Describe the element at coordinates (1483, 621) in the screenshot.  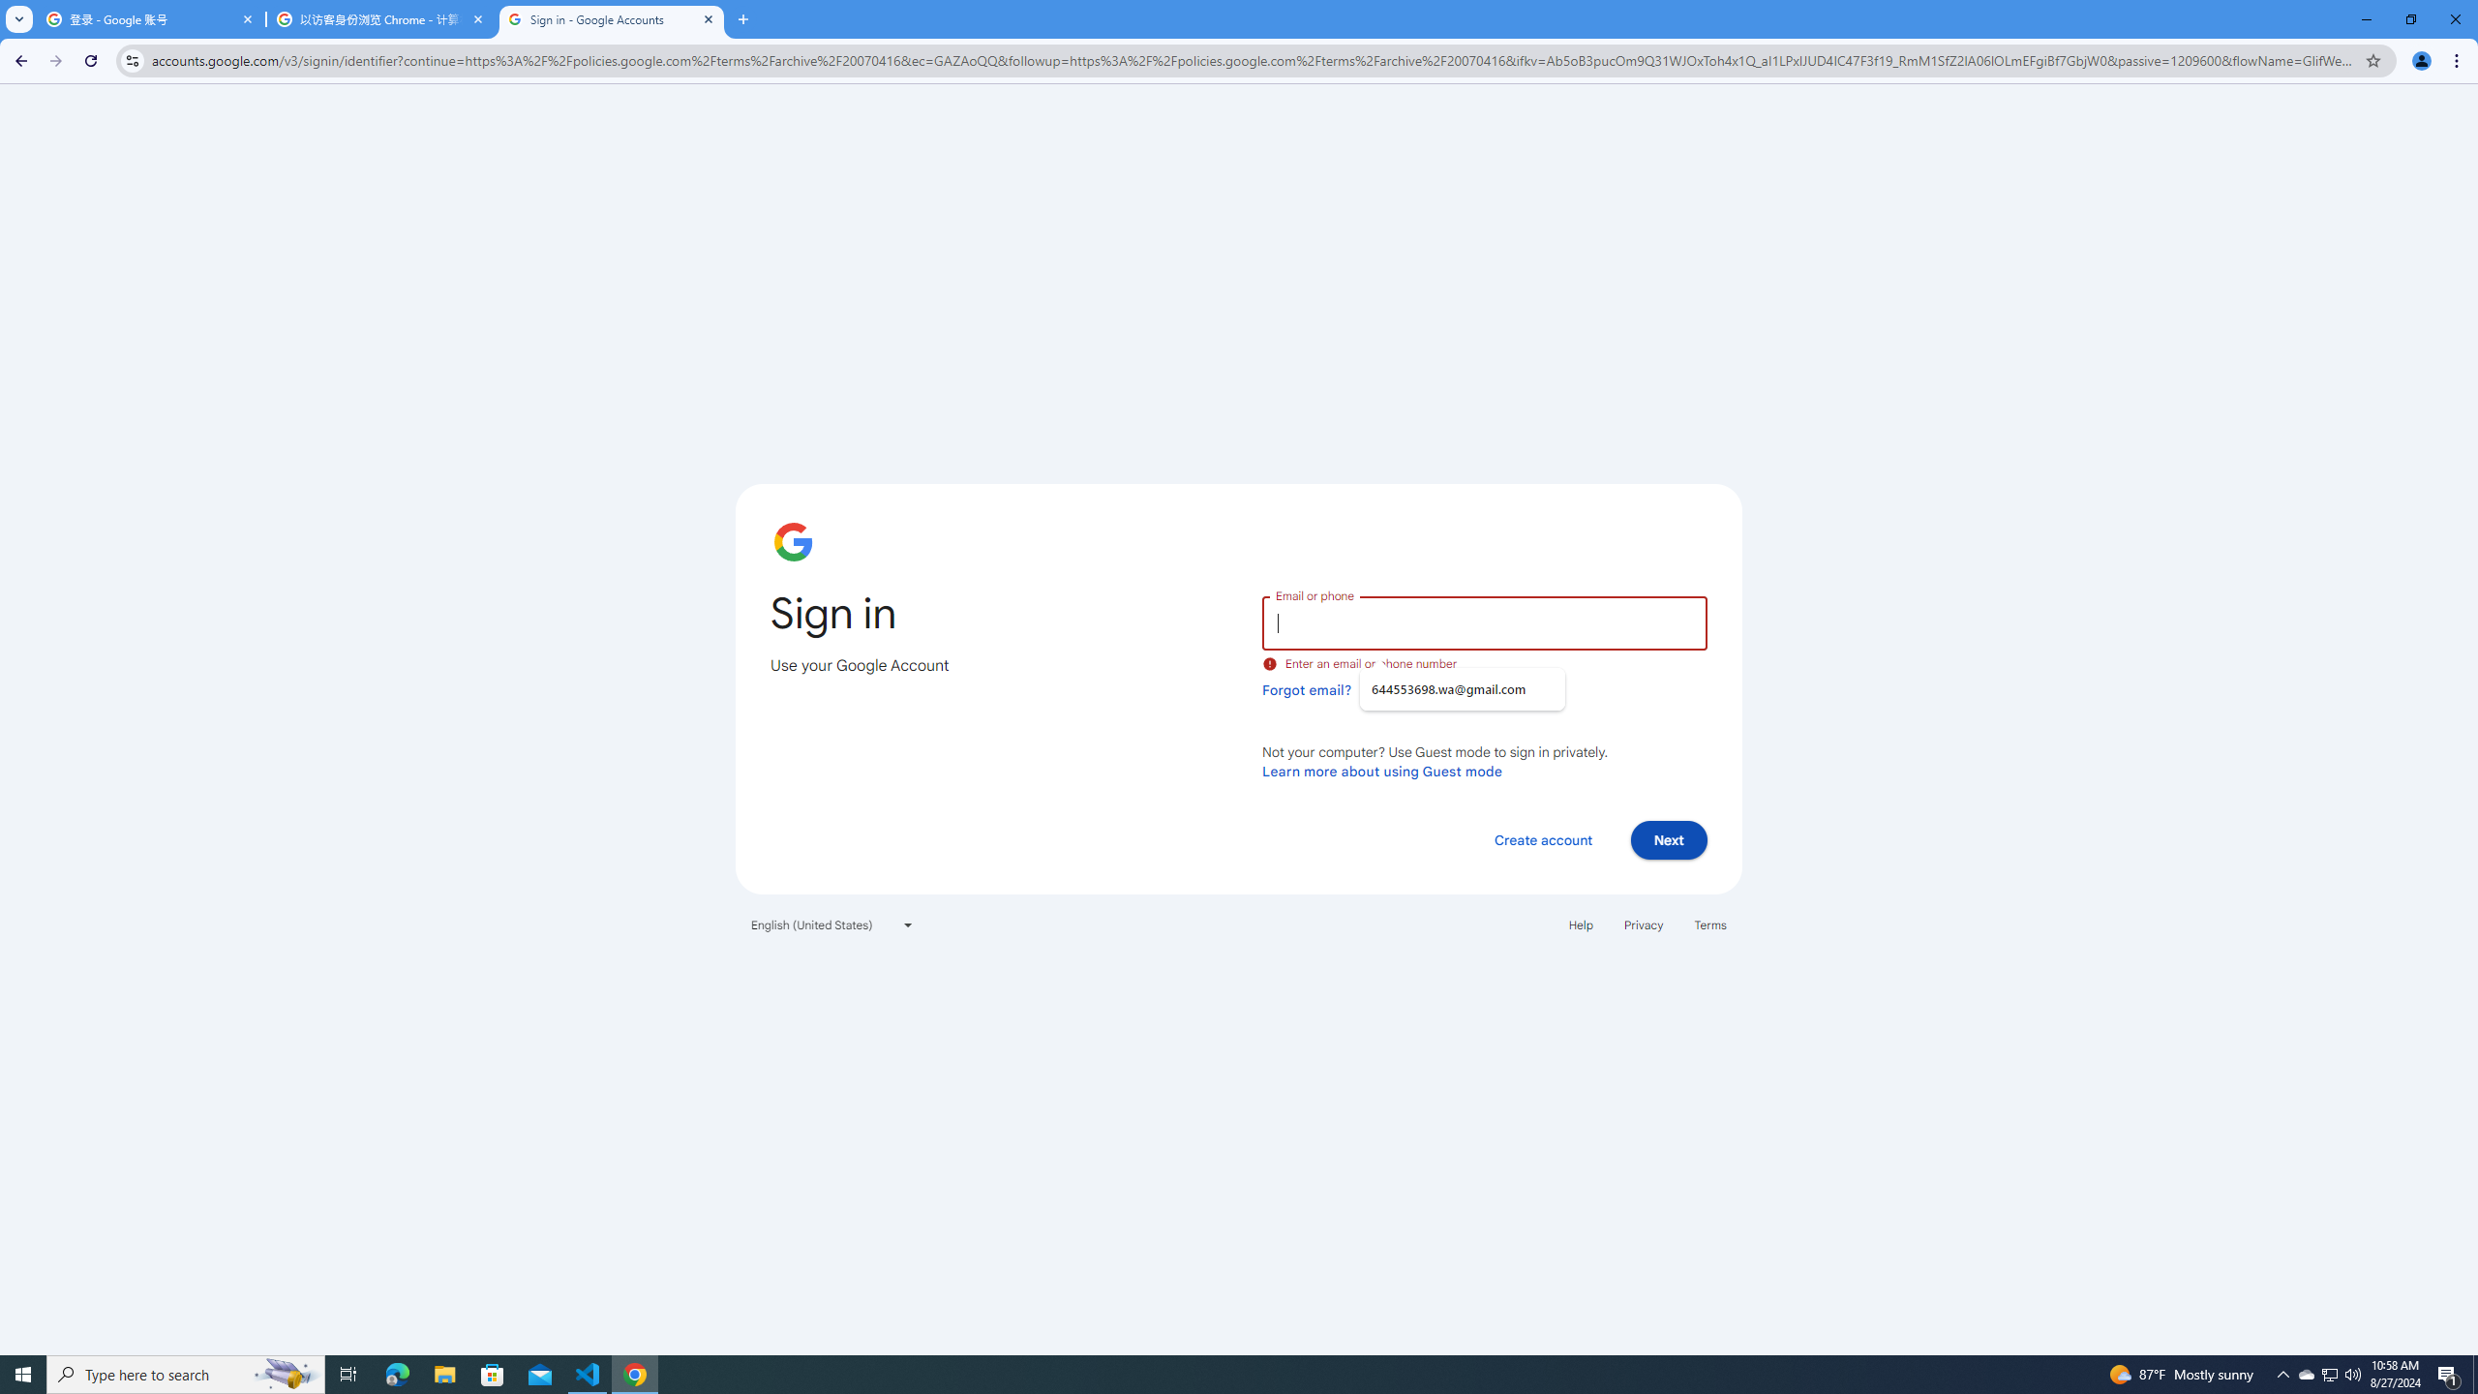
I see `'Email or phone'` at that location.